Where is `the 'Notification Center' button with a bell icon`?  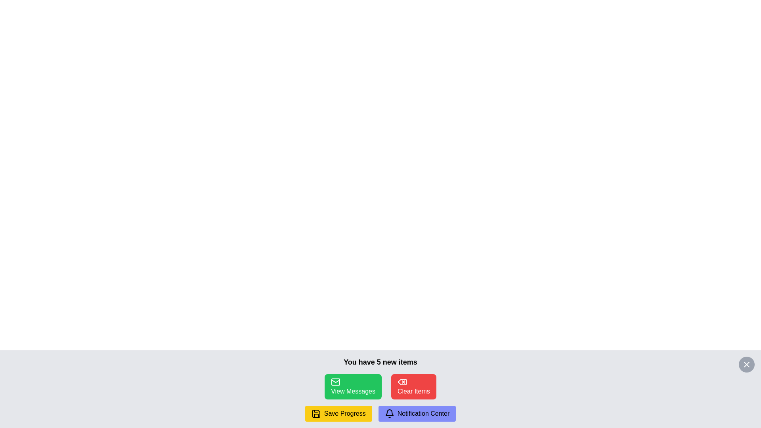 the 'Notification Center' button with a bell icon is located at coordinates (417, 413).